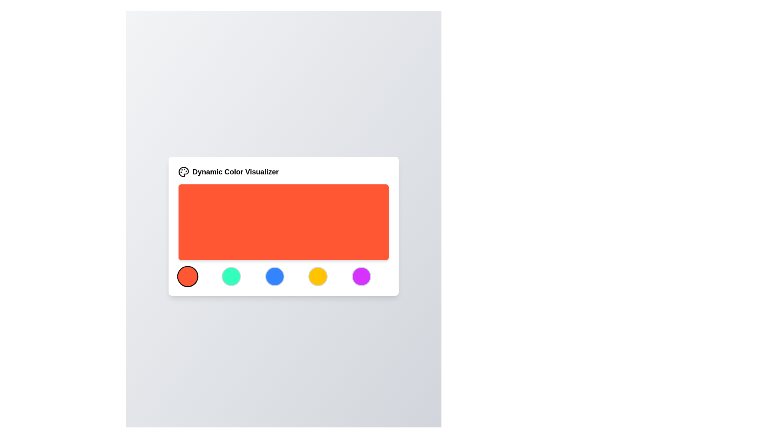  What do you see at coordinates (284, 222) in the screenshot?
I see `the displayed color in the visual display panel located beneath the 'Dynamic Color Visualizer' header` at bounding box center [284, 222].